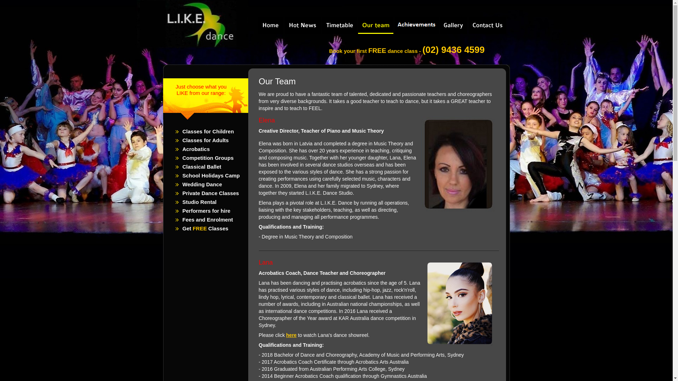 The height and width of the screenshot is (381, 678). I want to click on 'Classes for Children', so click(208, 131).